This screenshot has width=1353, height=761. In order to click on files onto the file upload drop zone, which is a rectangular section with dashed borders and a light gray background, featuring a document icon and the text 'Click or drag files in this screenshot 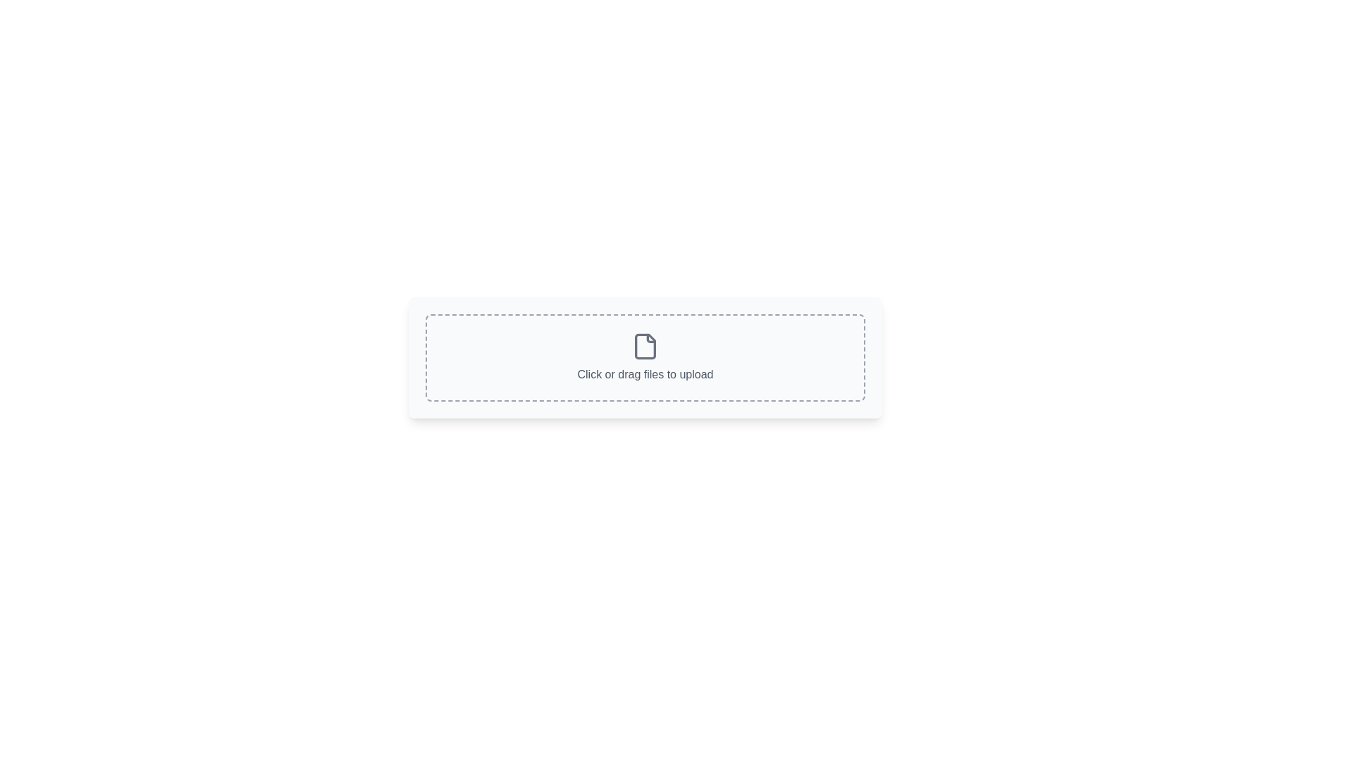, I will do `click(645, 357)`.